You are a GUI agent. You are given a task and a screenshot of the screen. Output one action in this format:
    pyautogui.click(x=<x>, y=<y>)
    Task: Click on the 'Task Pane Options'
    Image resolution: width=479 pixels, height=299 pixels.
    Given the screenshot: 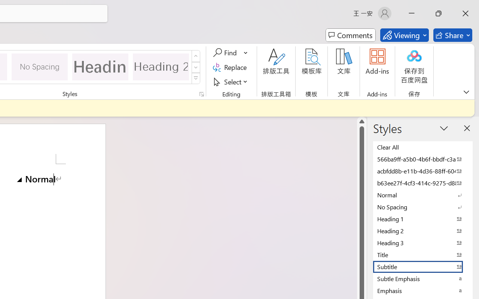 What is the action you would take?
    pyautogui.click(x=444, y=128)
    